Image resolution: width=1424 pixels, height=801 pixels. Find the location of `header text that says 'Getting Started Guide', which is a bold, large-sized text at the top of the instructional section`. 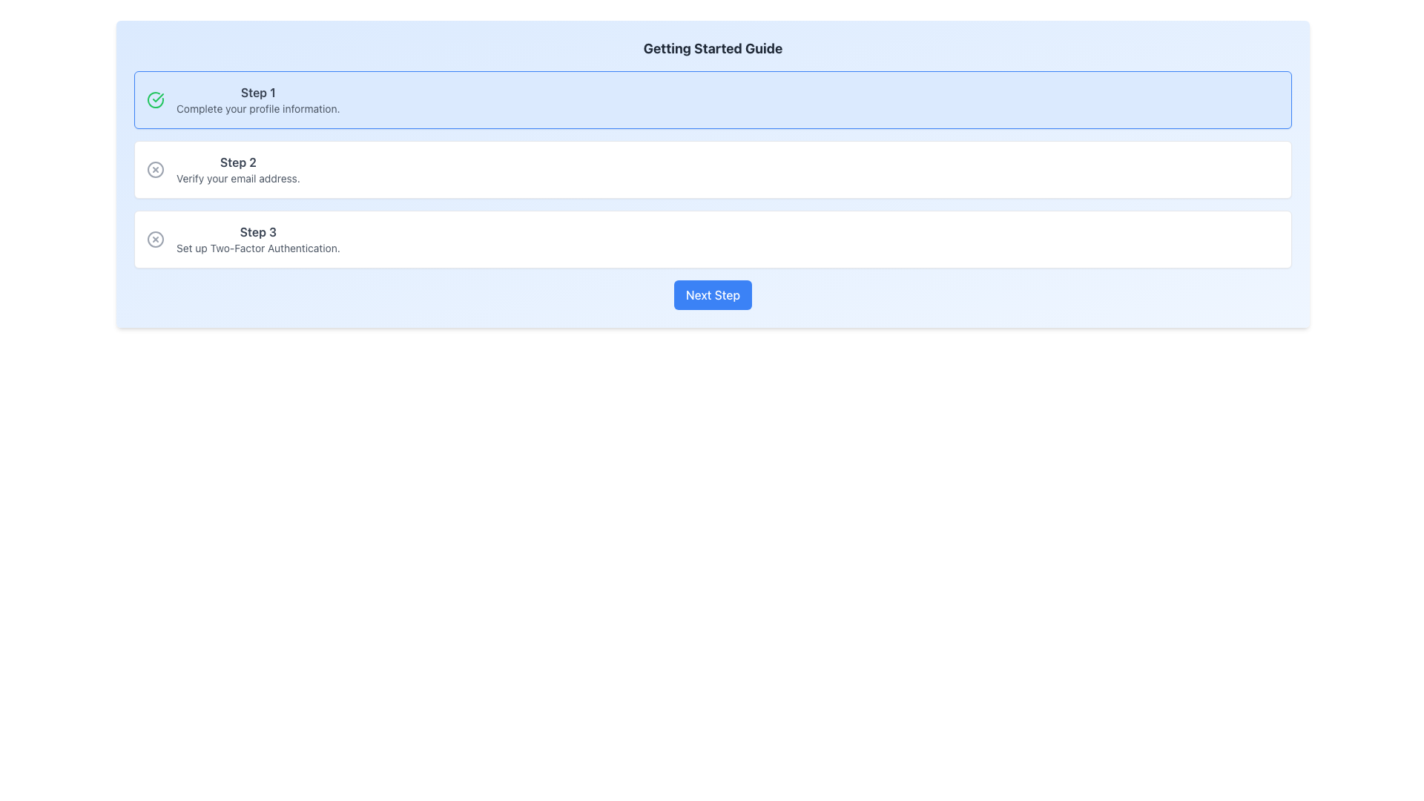

header text that says 'Getting Started Guide', which is a bold, large-sized text at the top of the instructional section is located at coordinates (713, 47).